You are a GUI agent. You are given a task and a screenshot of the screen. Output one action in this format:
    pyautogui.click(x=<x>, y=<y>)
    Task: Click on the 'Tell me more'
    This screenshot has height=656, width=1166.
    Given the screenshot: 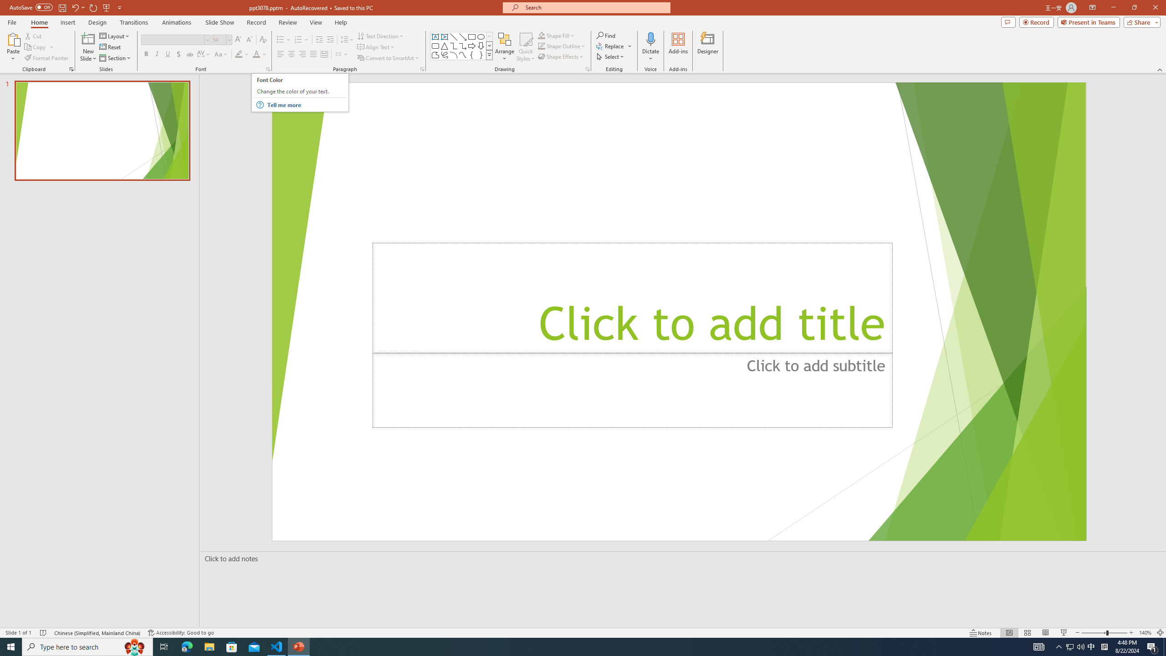 What is the action you would take?
    pyautogui.click(x=306, y=104)
    